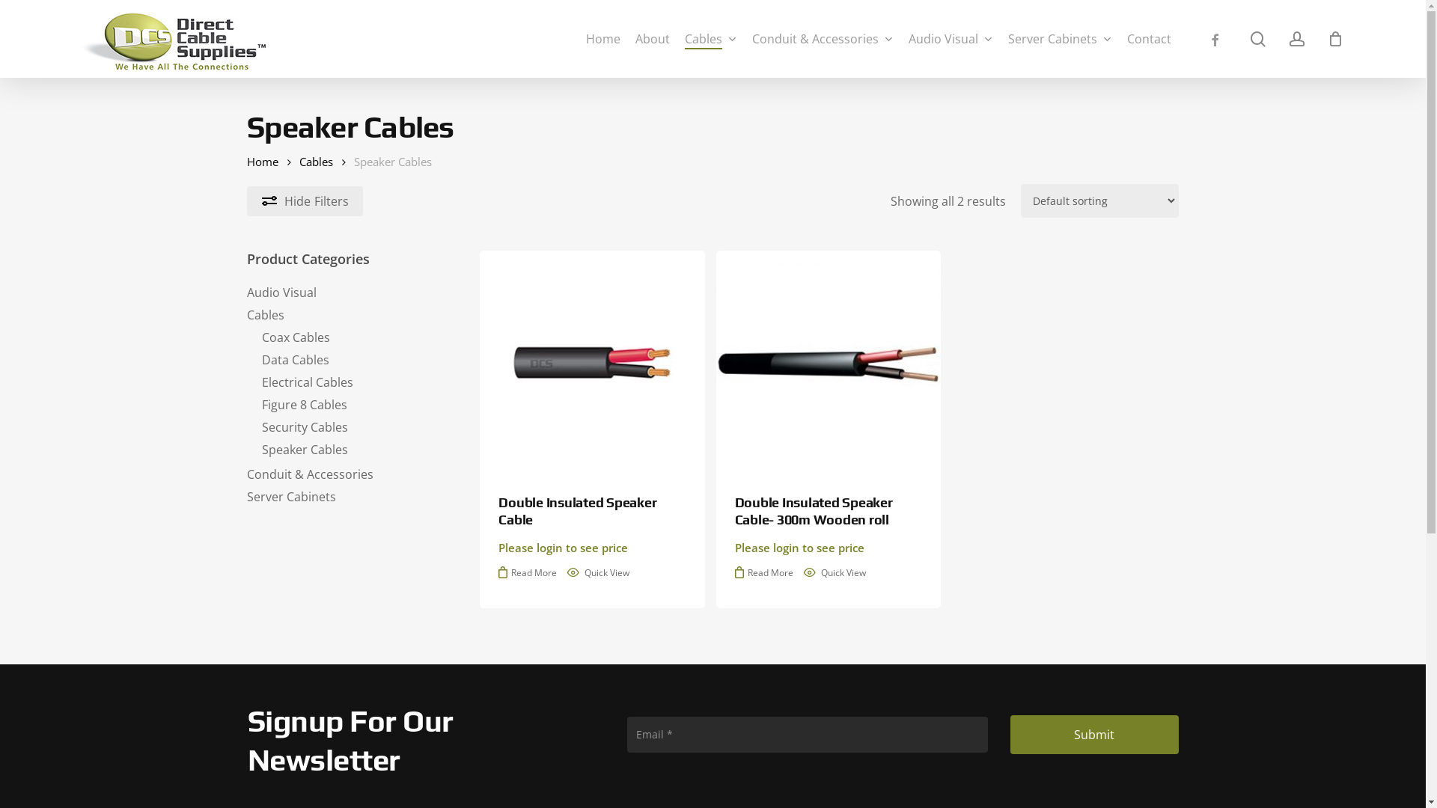  I want to click on 'Audio Visual', so click(344, 292).